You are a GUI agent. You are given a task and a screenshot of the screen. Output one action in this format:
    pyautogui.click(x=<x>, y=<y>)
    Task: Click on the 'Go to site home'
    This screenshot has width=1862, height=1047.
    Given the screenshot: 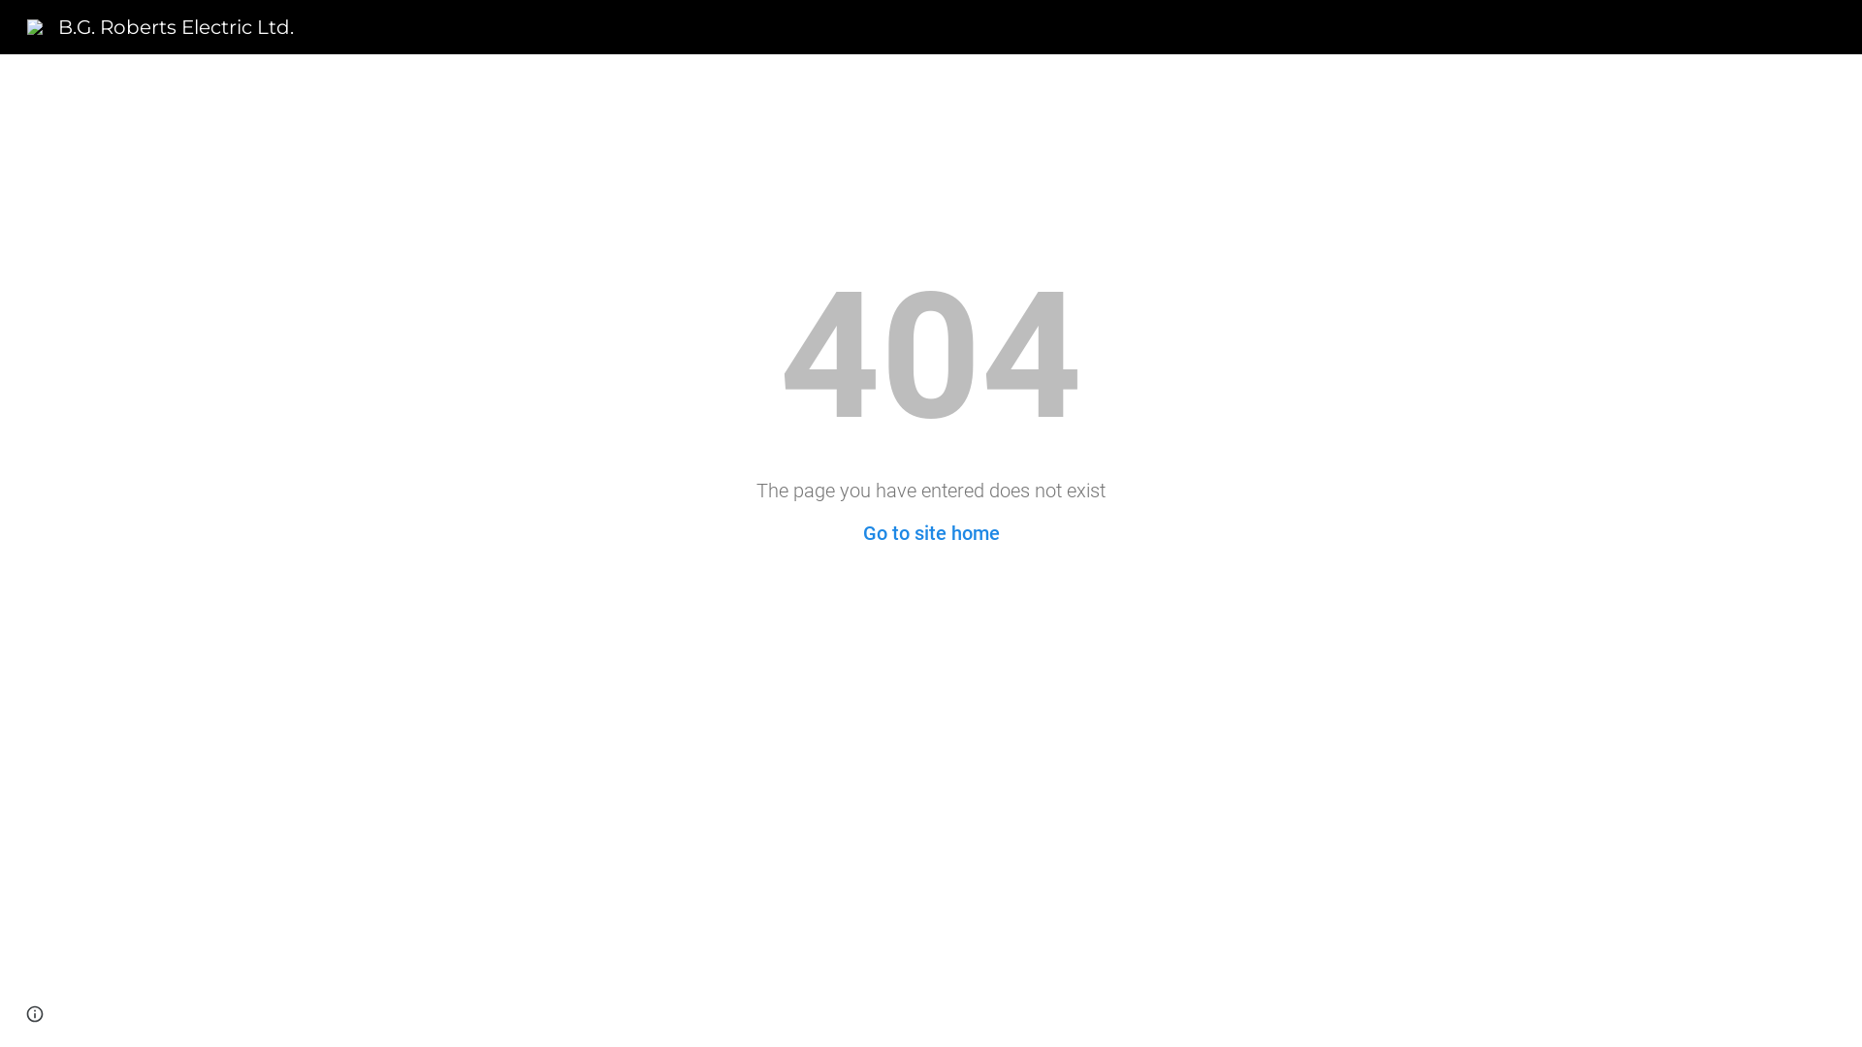 What is the action you would take?
    pyautogui.click(x=931, y=533)
    